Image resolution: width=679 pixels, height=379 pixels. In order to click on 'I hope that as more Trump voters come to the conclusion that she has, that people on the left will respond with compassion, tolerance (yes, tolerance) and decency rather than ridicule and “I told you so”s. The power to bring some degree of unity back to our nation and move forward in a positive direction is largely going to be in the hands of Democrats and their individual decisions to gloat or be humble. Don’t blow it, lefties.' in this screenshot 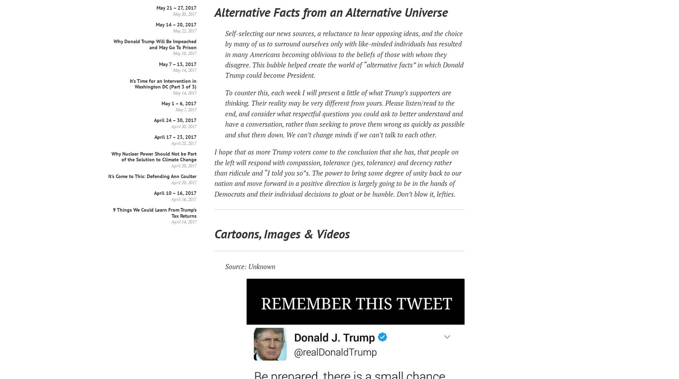, I will do `click(337, 172)`.